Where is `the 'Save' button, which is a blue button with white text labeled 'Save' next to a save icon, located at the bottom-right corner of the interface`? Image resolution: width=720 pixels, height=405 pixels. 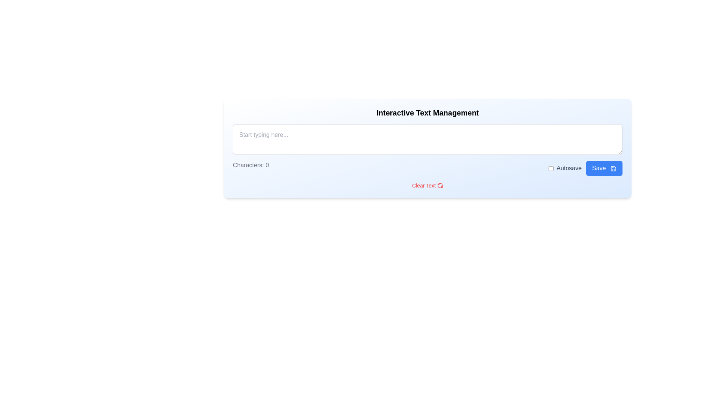
the 'Save' button, which is a blue button with white text labeled 'Save' next to a save icon, located at the bottom-right corner of the interface is located at coordinates (585, 168).